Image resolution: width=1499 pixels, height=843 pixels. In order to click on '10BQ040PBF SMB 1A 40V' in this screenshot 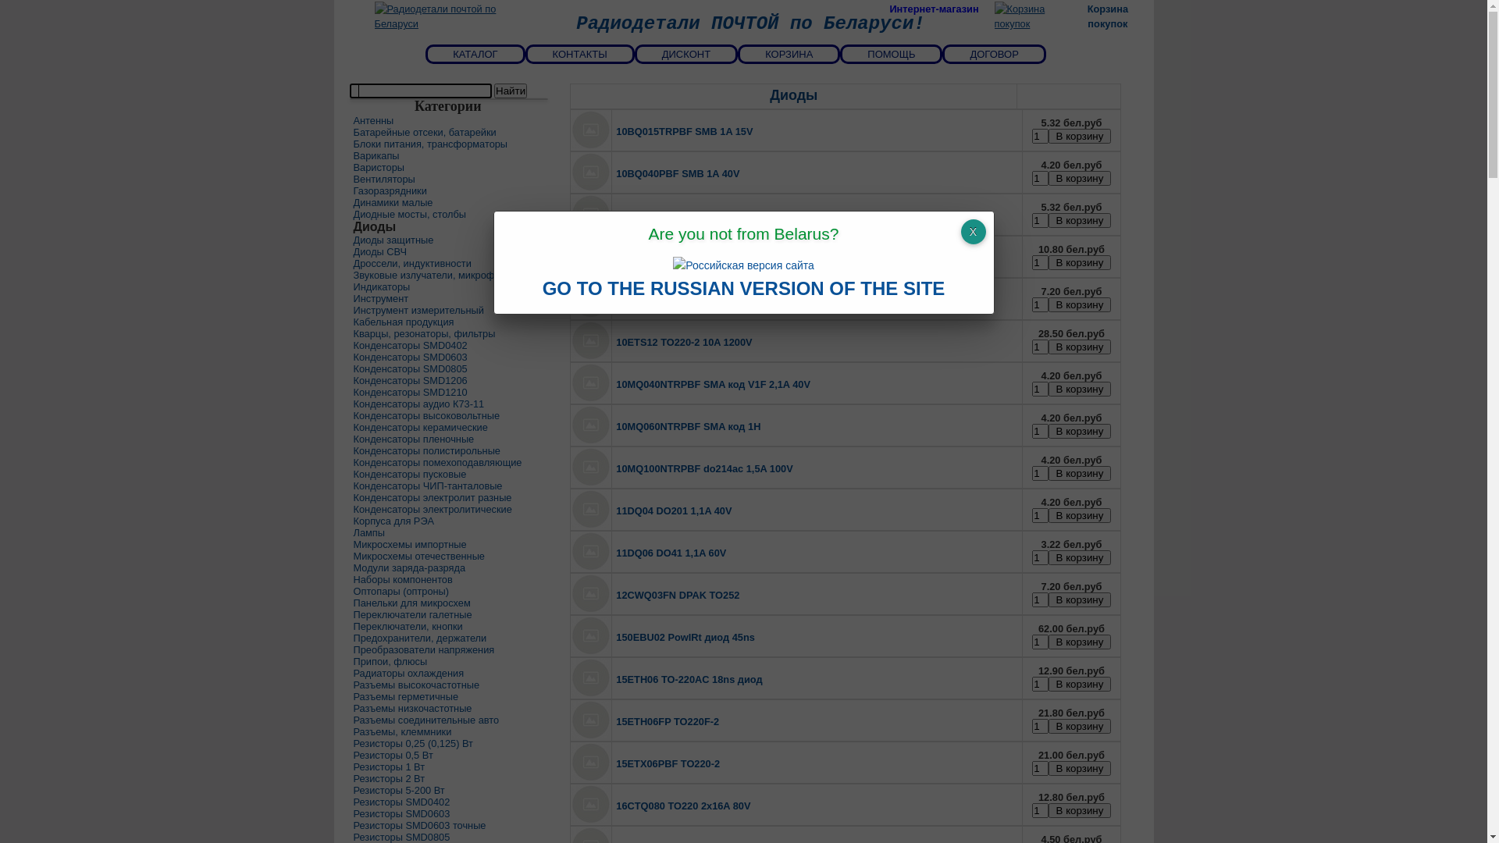, I will do `click(678, 173)`.